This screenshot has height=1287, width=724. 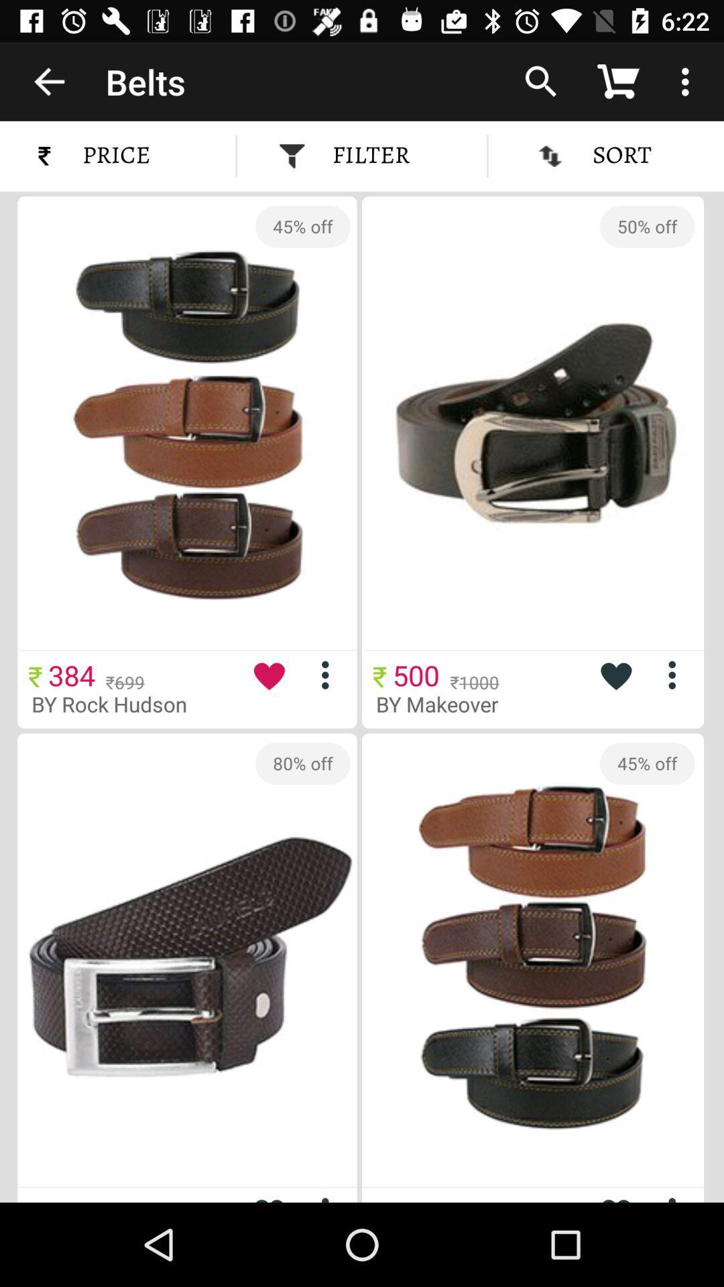 What do you see at coordinates (677, 1197) in the screenshot?
I see `more option` at bounding box center [677, 1197].